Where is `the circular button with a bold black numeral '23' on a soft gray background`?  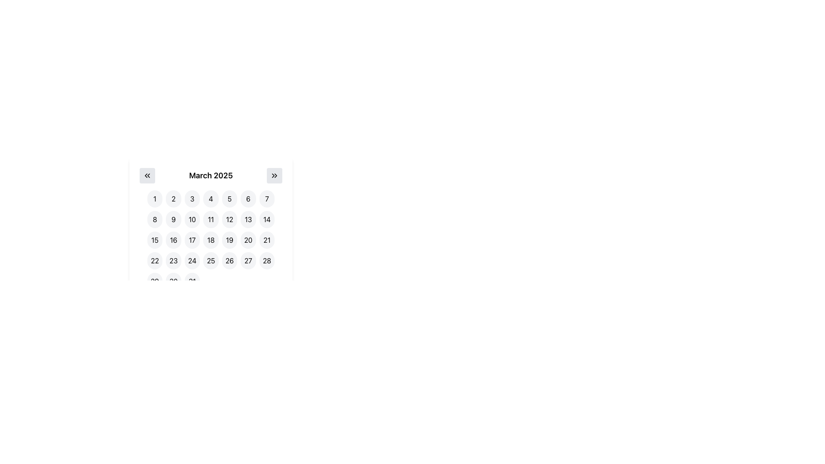 the circular button with a bold black numeral '23' on a soft gray background is located at coordinates (173, 260).